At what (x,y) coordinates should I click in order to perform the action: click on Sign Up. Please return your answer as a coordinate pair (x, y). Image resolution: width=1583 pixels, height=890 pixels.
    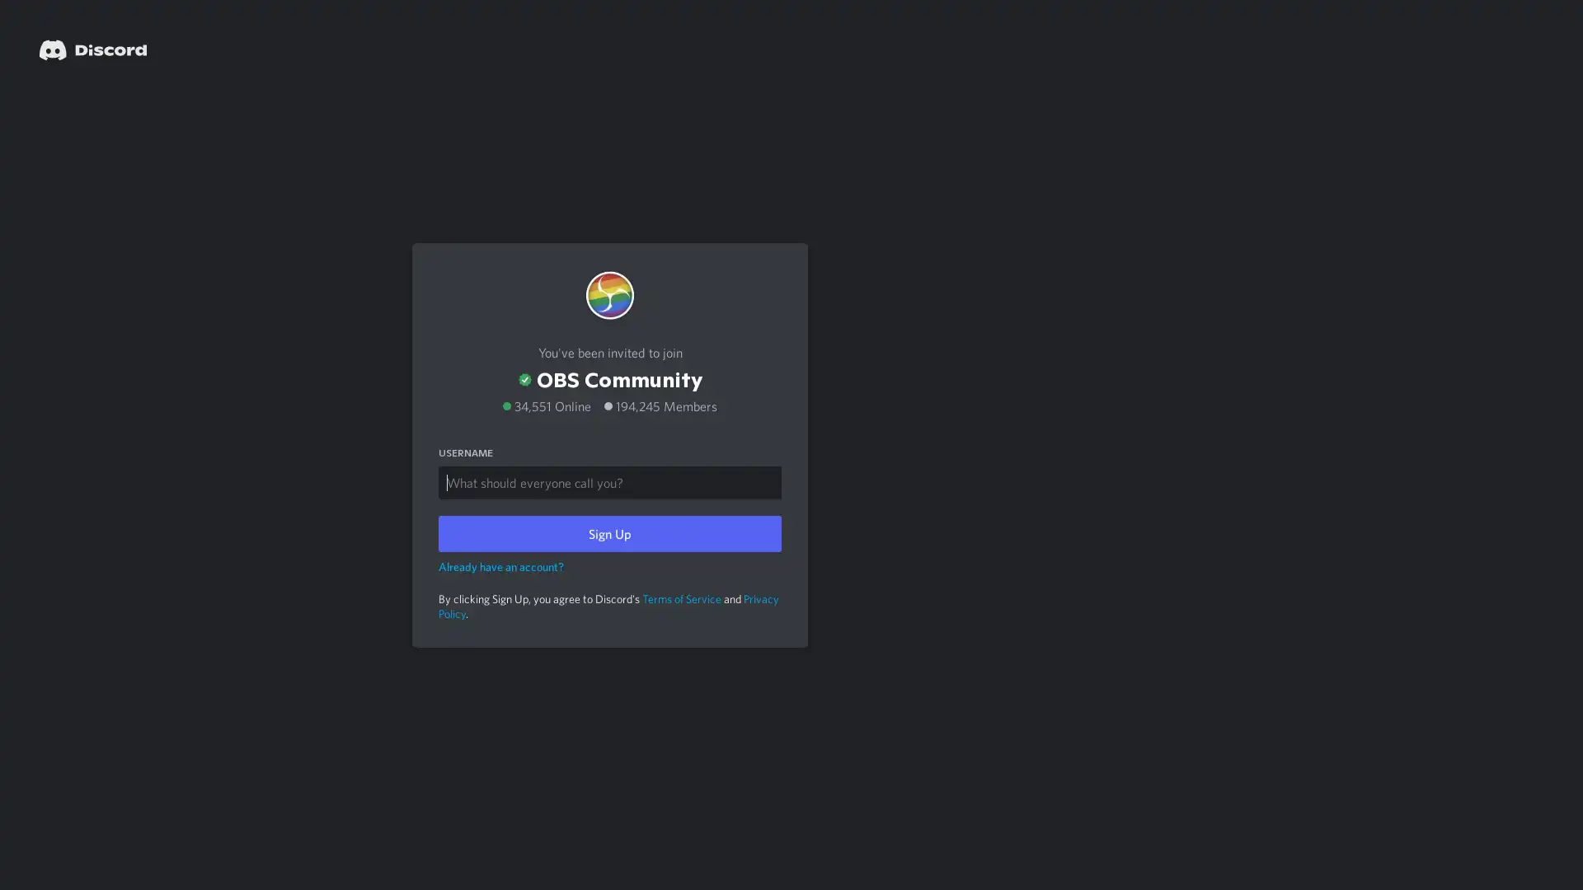
    Looking at the image, I should click on (608, 533).